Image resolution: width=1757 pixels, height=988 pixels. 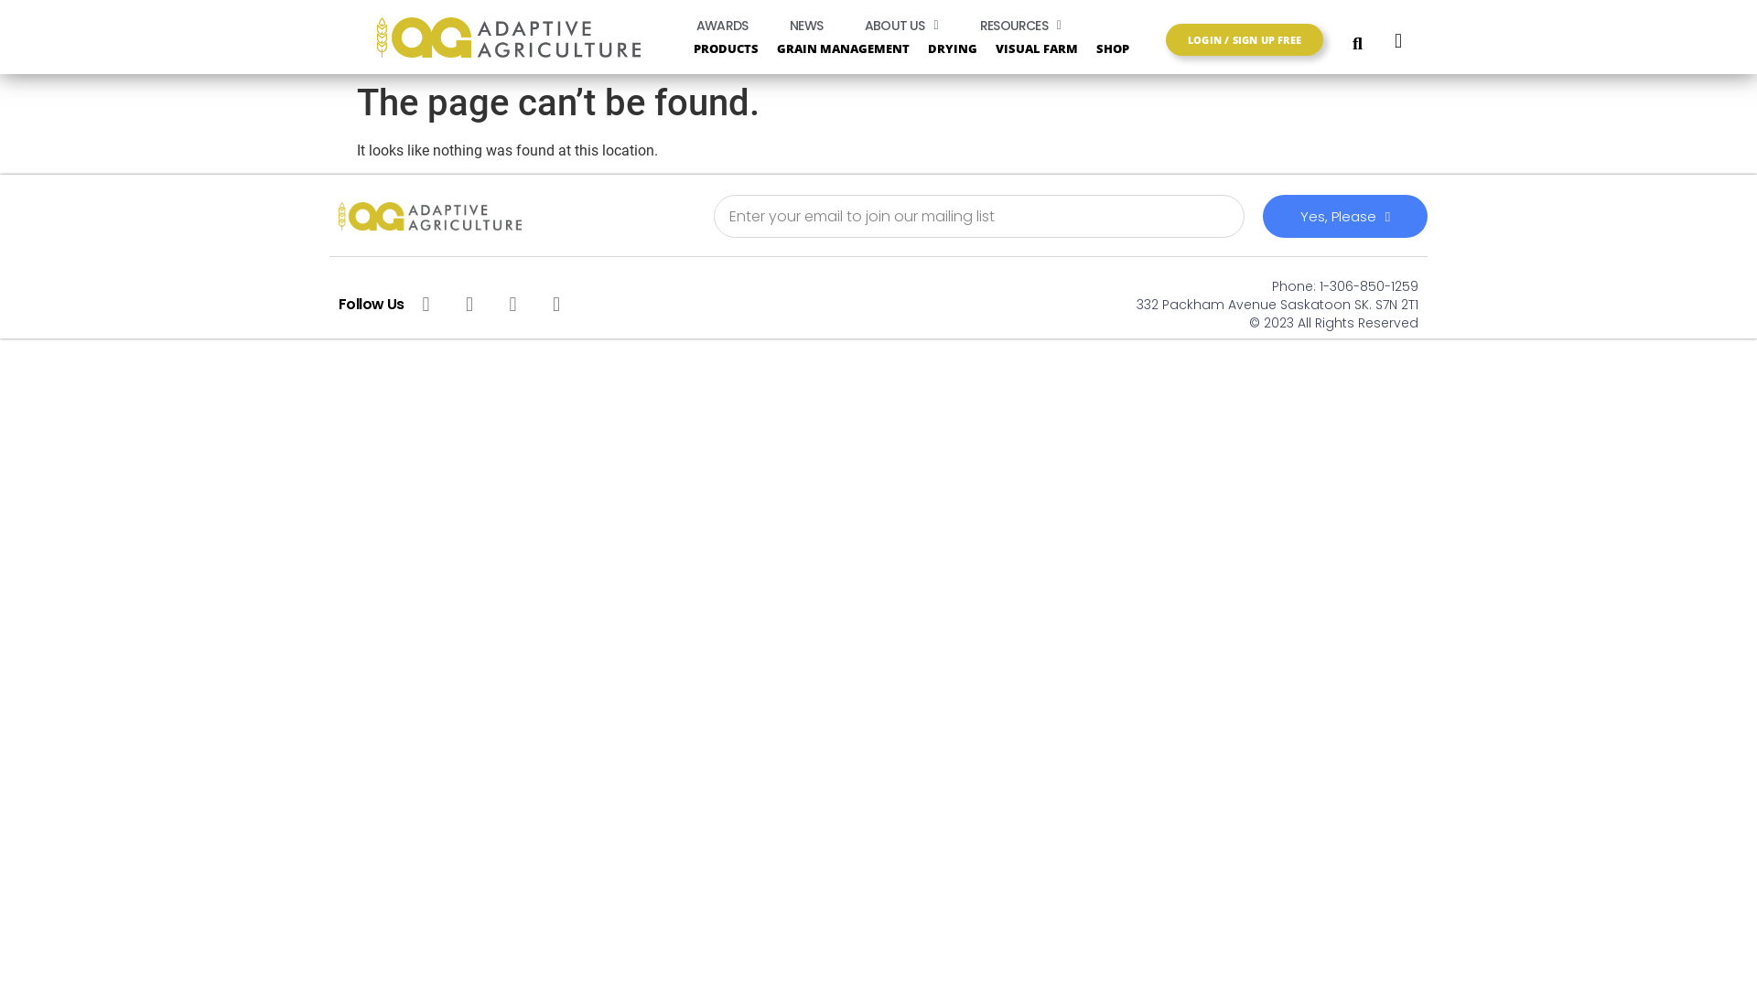 I want to click on 'VISUAL FARM', so click(x=1036, y=47).